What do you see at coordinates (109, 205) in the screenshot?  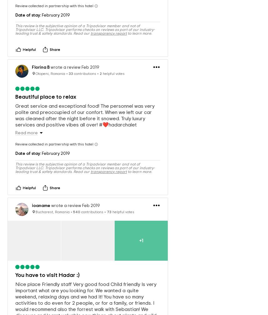 I see `'73'` at bounding box center [109, 205].